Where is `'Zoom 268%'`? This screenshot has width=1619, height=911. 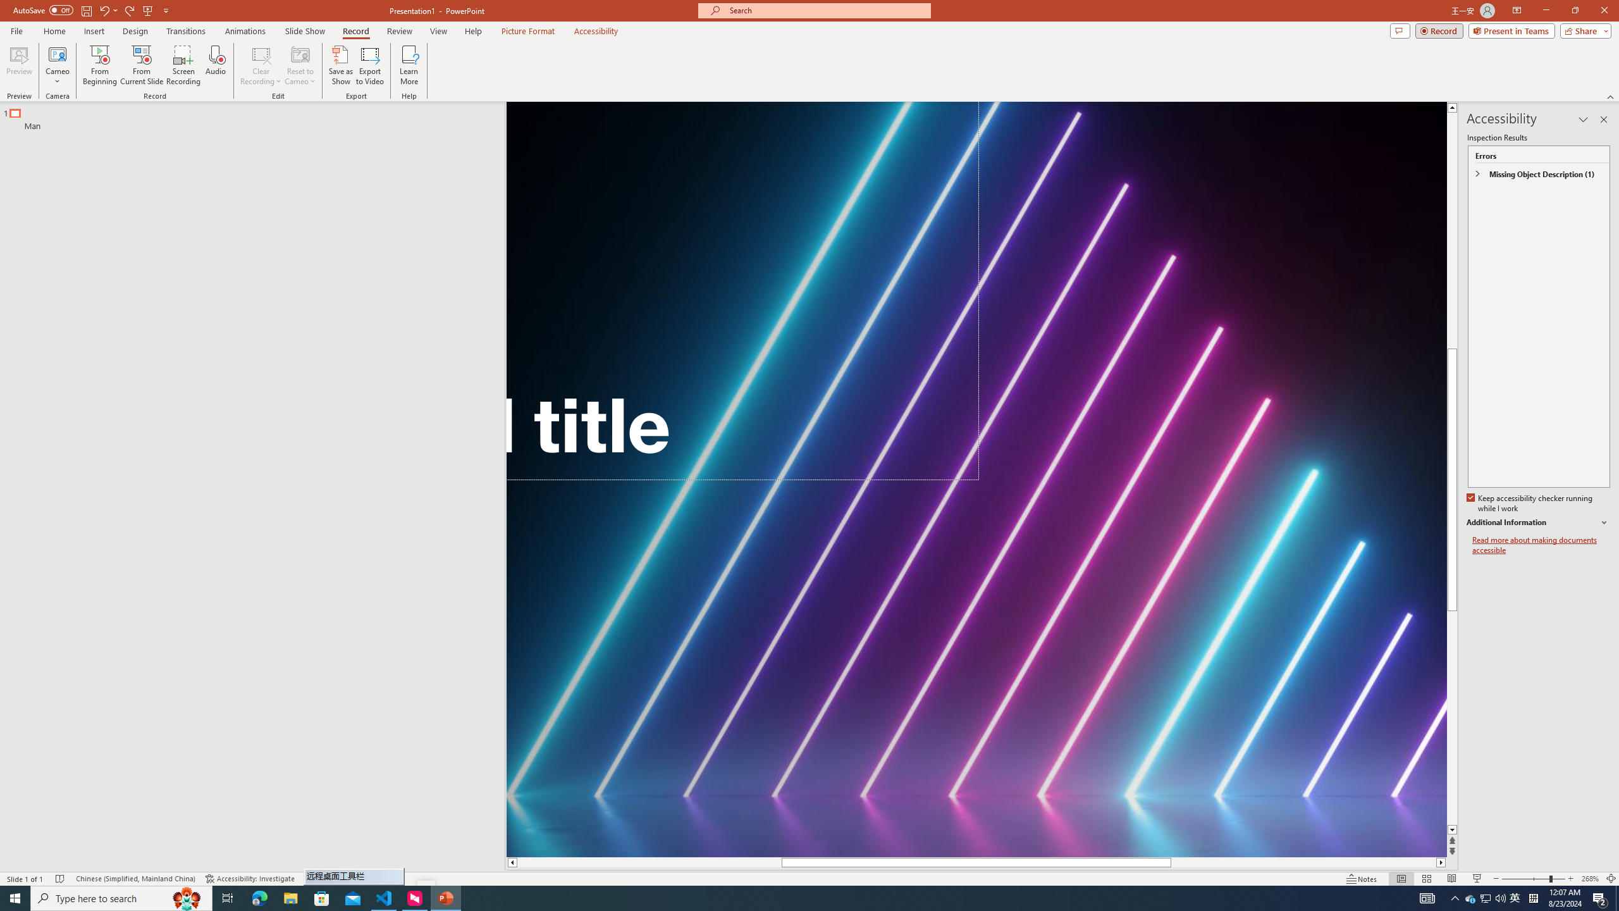
'Zoom 268%' is located at coordinates (1591, 879).